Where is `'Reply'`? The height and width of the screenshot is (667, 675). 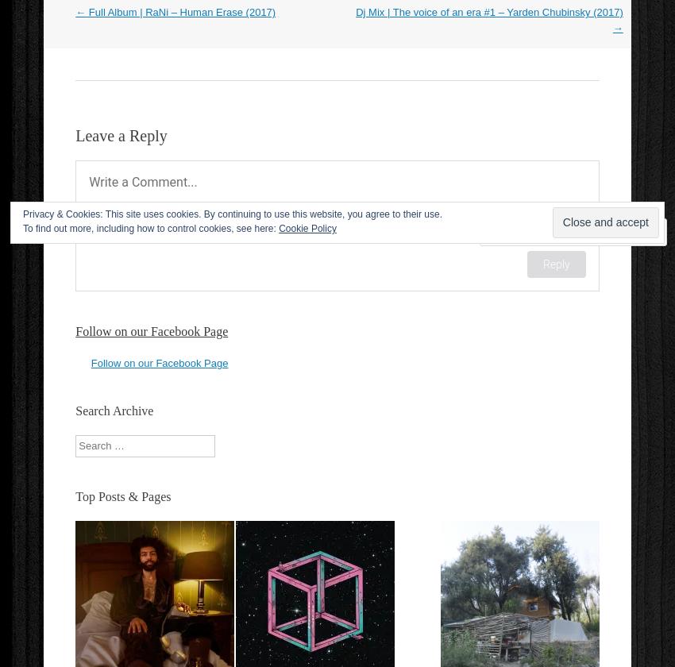 'Reply' is located at coordinates (555, 264).